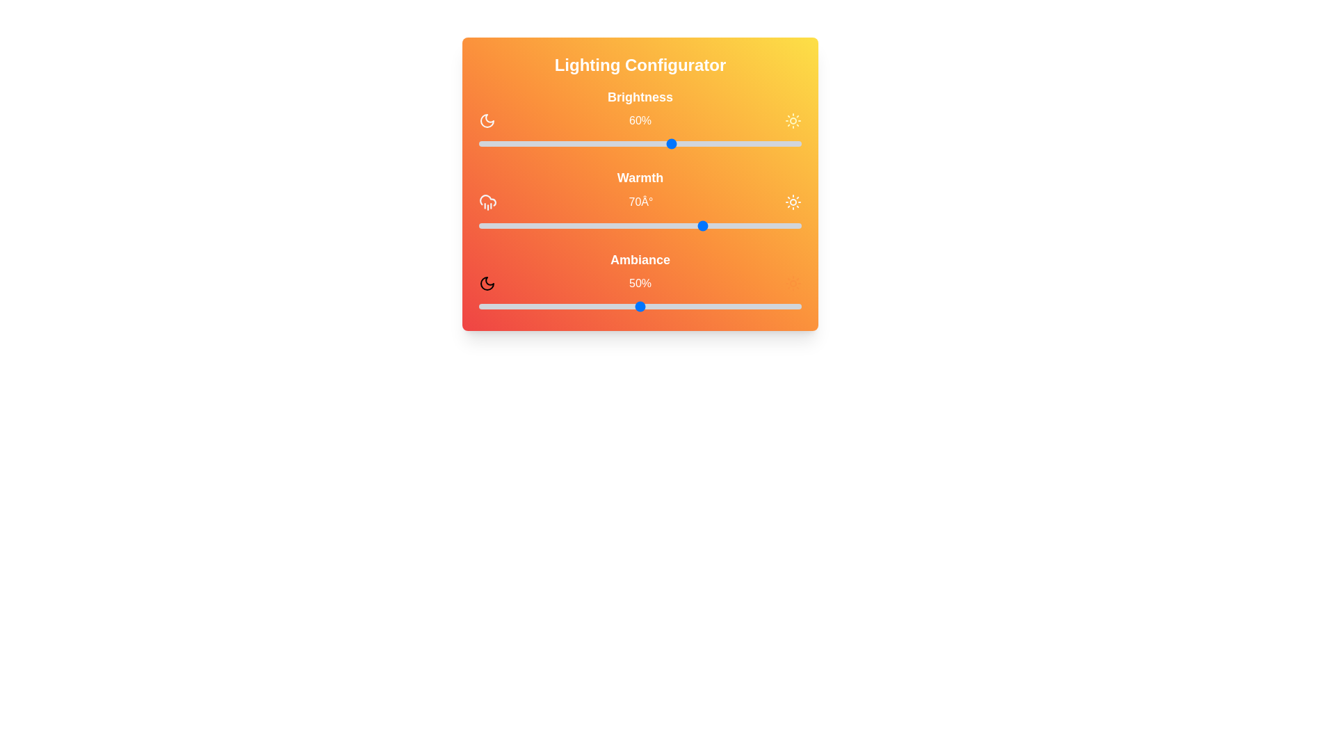 Image resolution: width=1335 pixels, height=751 pixels. I want to click on the ambiance slider to 86%, so click(756, 305).